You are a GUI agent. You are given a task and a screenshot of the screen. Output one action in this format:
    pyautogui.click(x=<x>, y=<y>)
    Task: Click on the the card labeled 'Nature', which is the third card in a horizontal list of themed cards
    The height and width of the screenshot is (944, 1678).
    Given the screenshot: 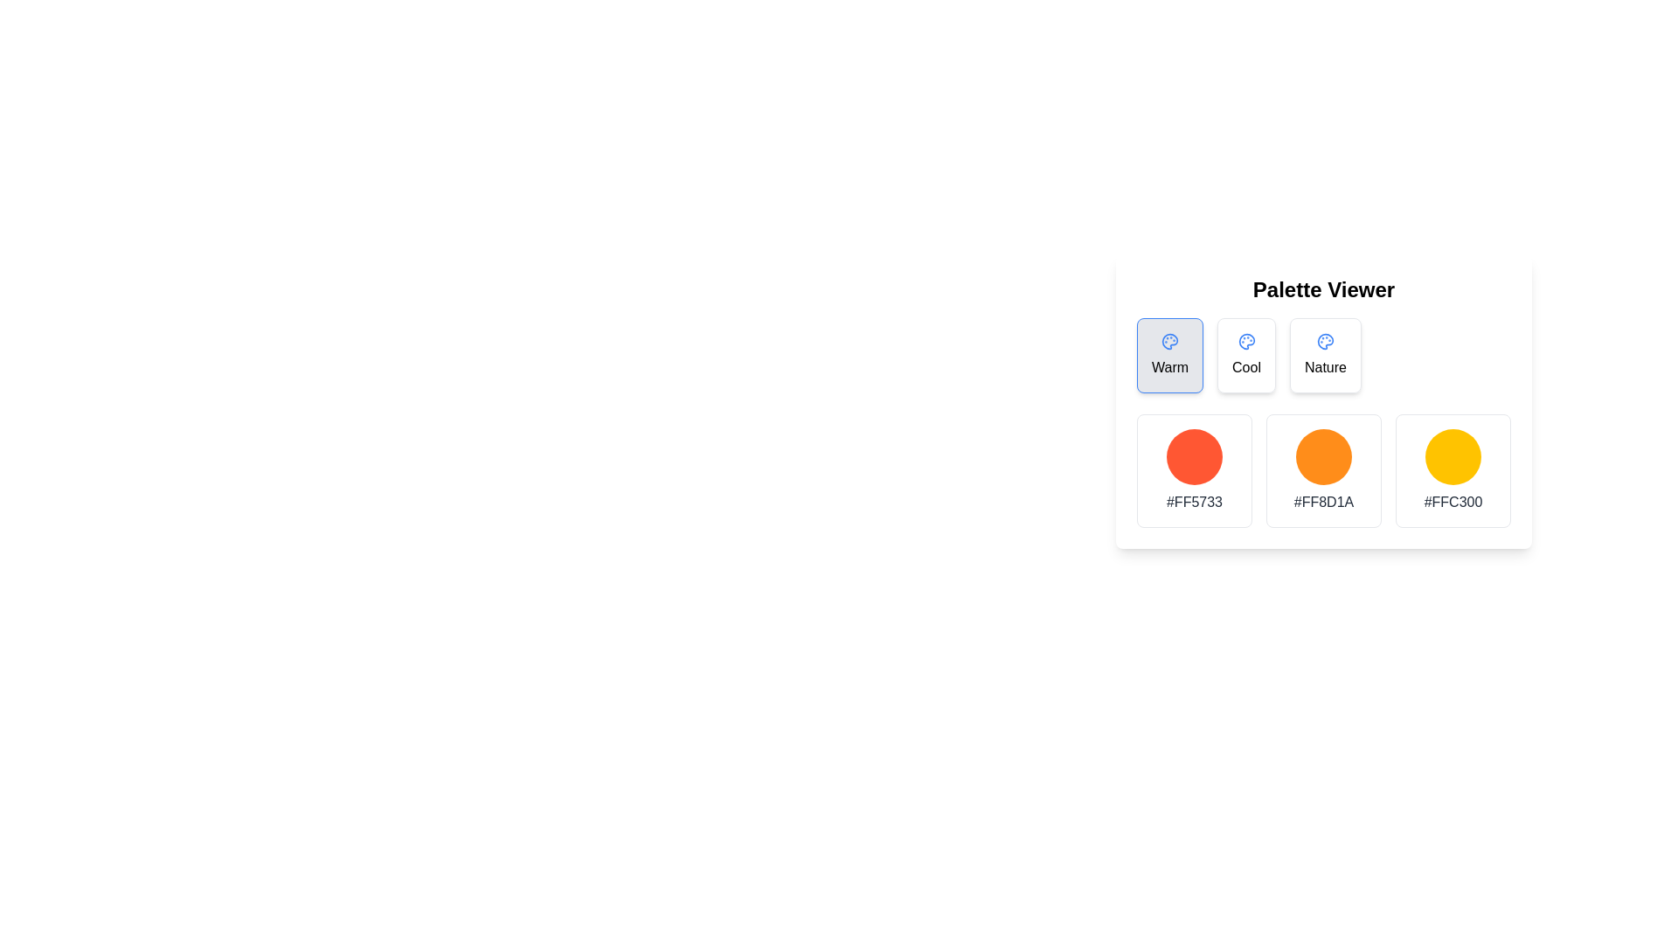 What is the action you would take?
    pyautogui.click(x=1325, y=355)
    